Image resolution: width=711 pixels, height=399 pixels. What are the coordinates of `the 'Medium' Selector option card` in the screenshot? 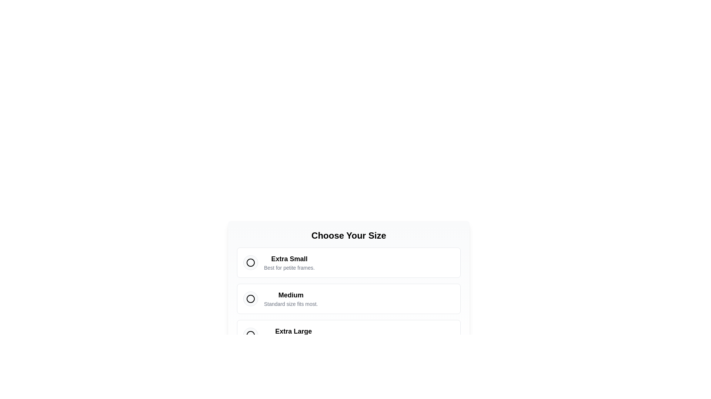 It's located at (348, 299).